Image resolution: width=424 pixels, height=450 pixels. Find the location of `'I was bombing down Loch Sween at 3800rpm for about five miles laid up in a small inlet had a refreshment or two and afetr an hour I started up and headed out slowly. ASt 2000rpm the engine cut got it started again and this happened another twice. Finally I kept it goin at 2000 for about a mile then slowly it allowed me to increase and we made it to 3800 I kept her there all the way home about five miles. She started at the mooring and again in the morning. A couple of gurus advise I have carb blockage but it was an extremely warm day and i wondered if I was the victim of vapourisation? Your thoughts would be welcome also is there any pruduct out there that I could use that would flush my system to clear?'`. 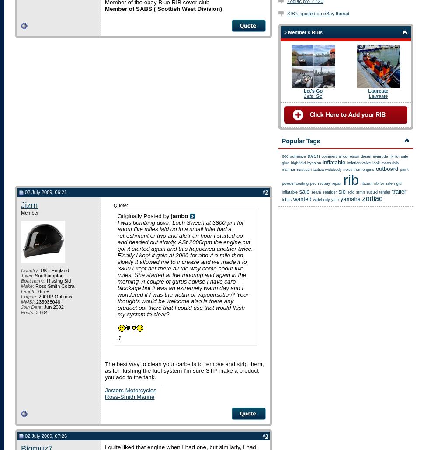

'I was bombing down Loch Sween at 3800rpm for about five miles laid up in a small inlet had a refreshment or two and afetr an hour I started up and headed out slowly. ASt 2000rpm the engine cut got it started again and this happened another twice. Finally I kept it goin at 2000 for about a mile then slowly it allowed me to increase and we made it to 3800 I kept her there all the way home about five miles. She started at the mooring and again in the morning. A couple of gurus advise I have carb blockage but it was an extremely warm day and i wondered if I was the victim of vapourisation? Your thoughts would be welcome also is there any pruduct out there that I could use that would flush my system to clear?' is located at coordinates (117, 267).